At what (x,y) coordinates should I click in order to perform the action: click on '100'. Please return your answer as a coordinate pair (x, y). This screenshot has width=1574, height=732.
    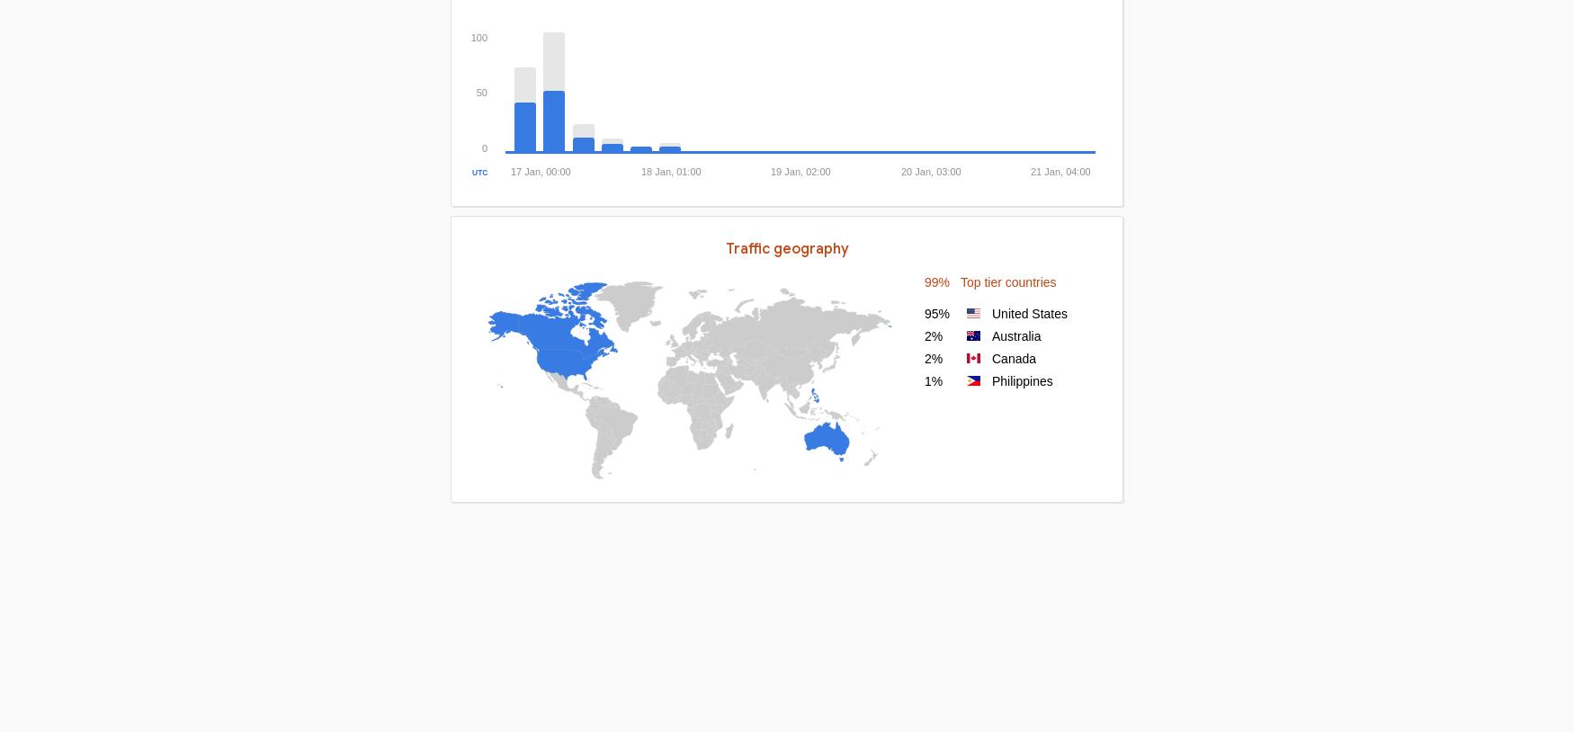
    Looking at the image, I should click on (478, 37).